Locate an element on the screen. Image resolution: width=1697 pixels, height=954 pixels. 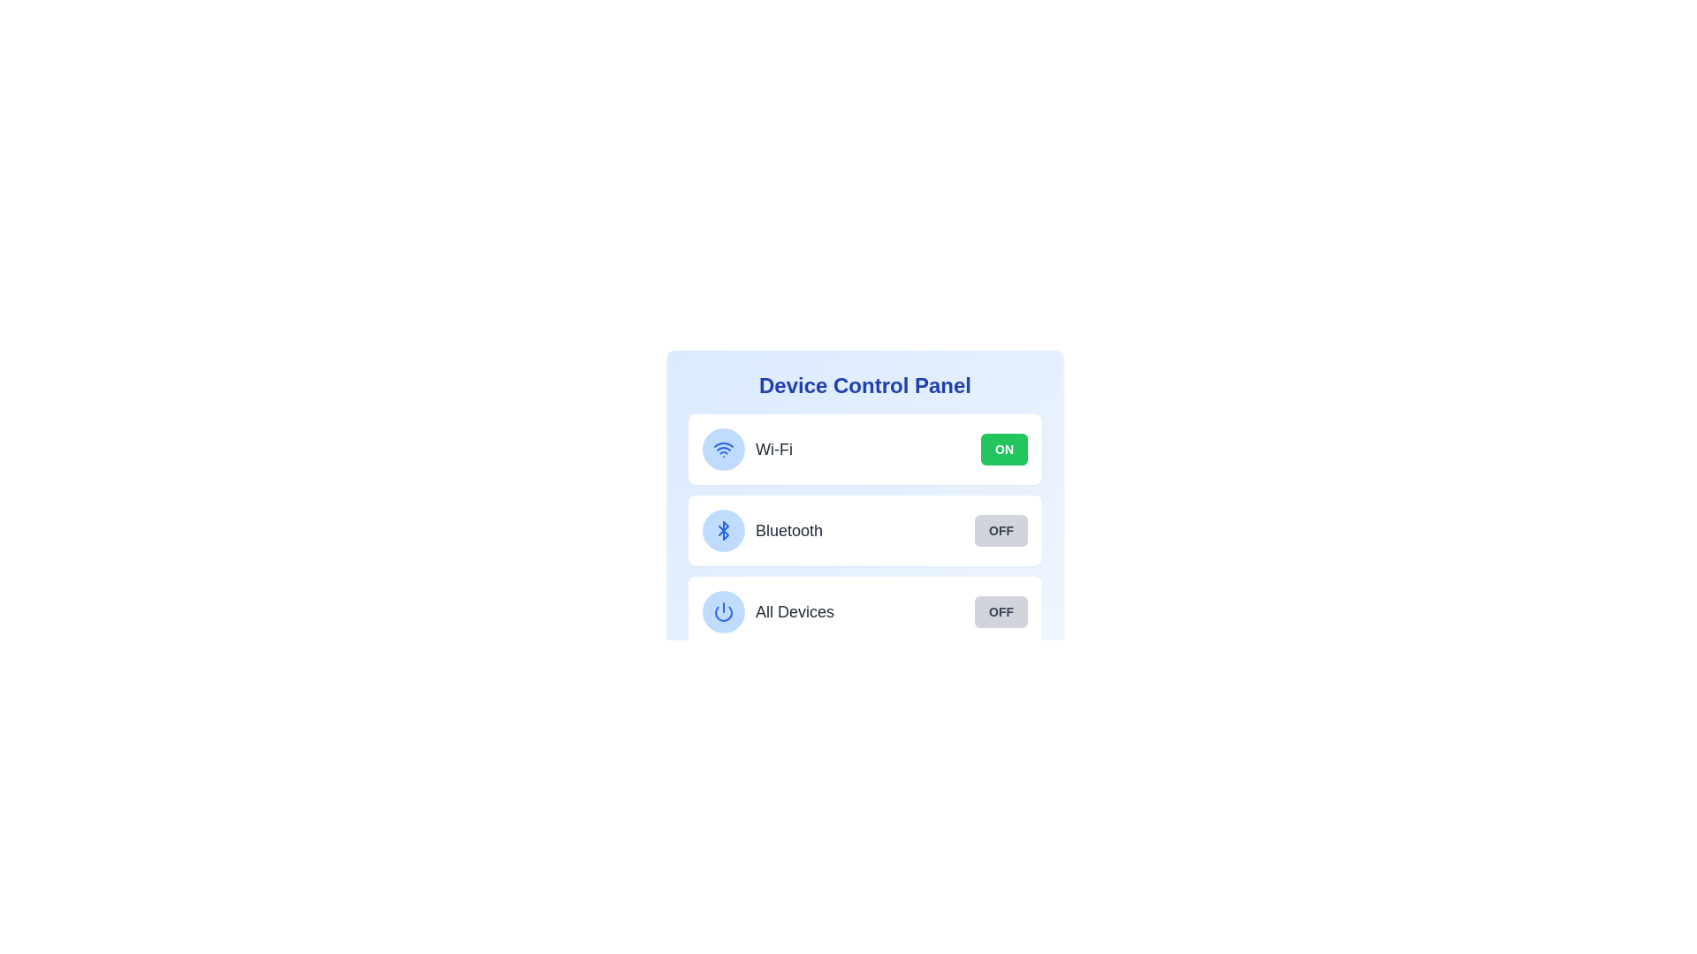
the Wi-Fi icon located at the top of the list in the device control panel, adjacent to the 'Wi-Fi' text and 'ON' toggle status button is located at coordinates (724, 449).